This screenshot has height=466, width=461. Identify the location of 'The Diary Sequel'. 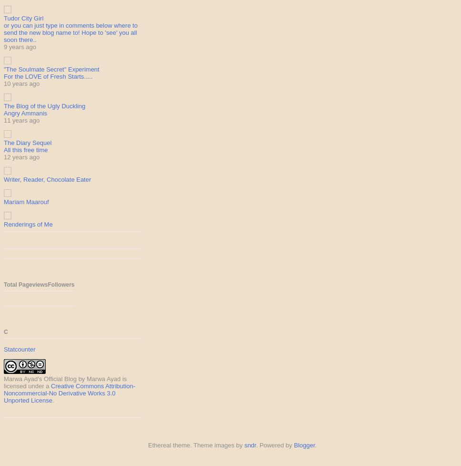
(4, 142).